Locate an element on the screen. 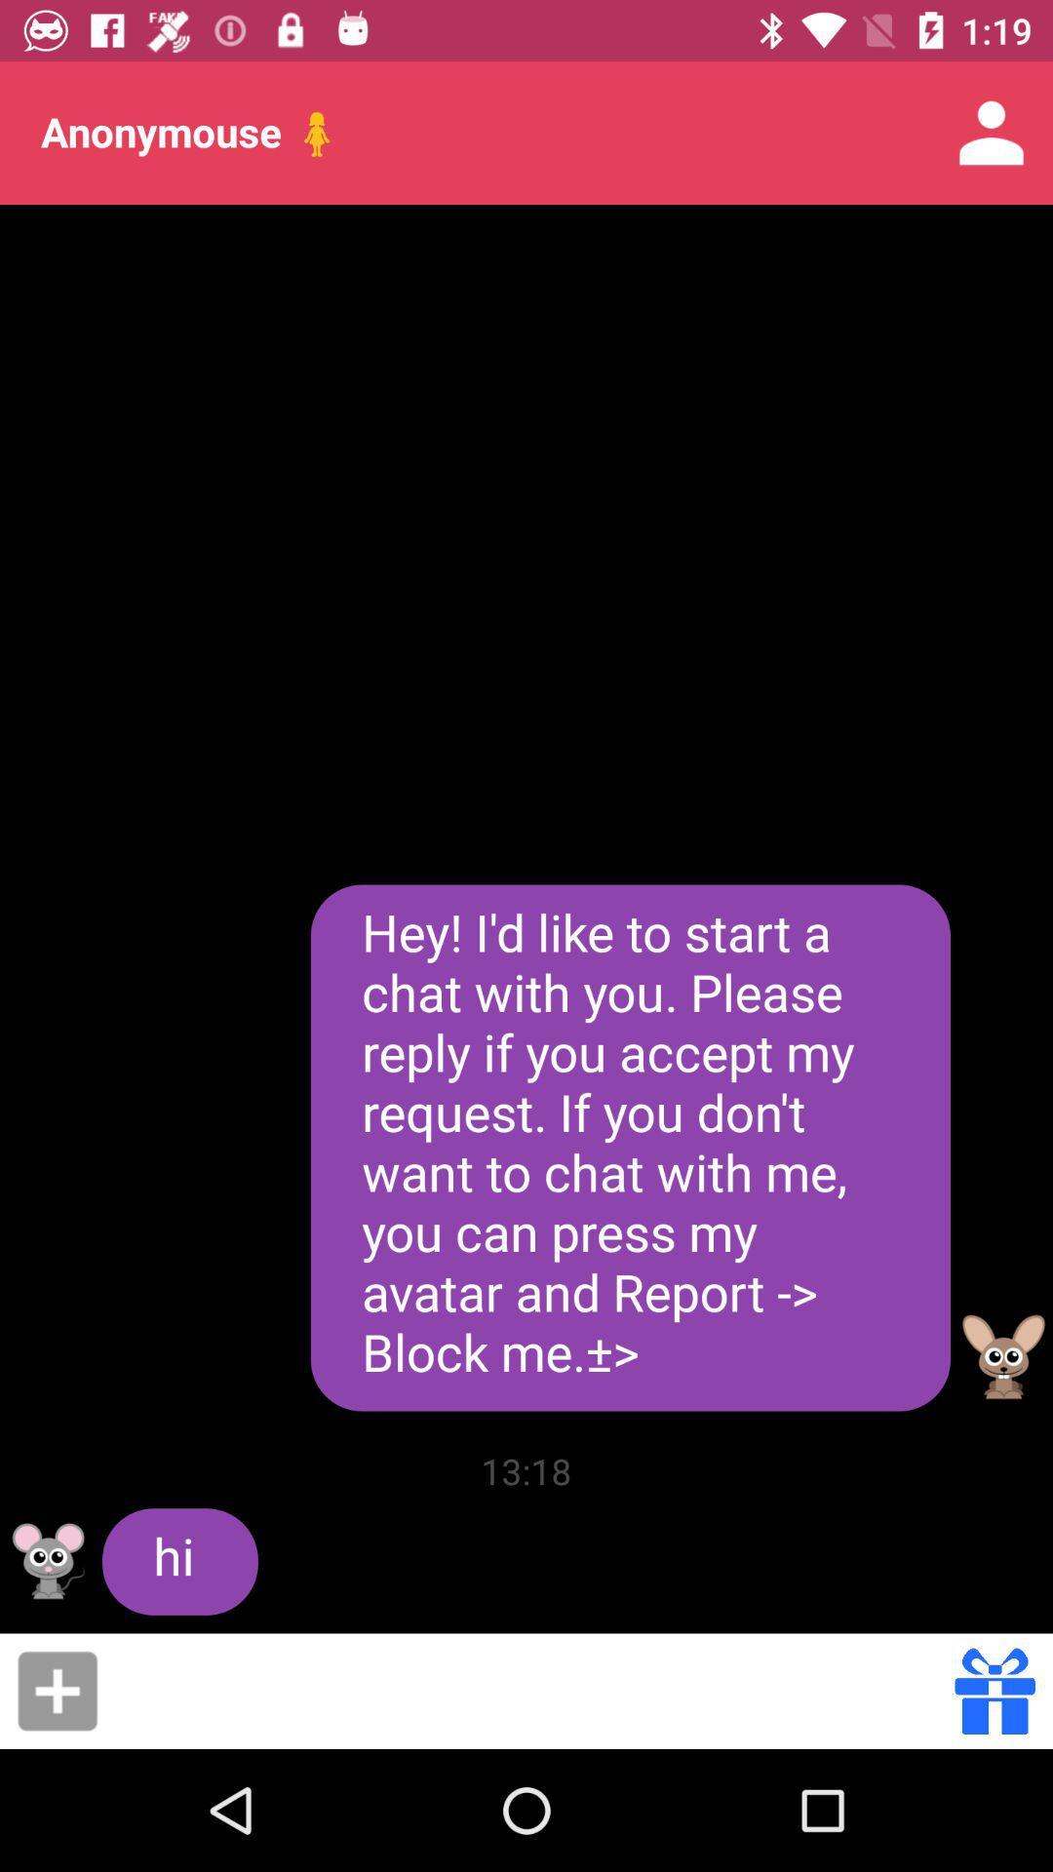 This screenshot has height=1872, width=1053. contact is located at coordinates (57, 1690).